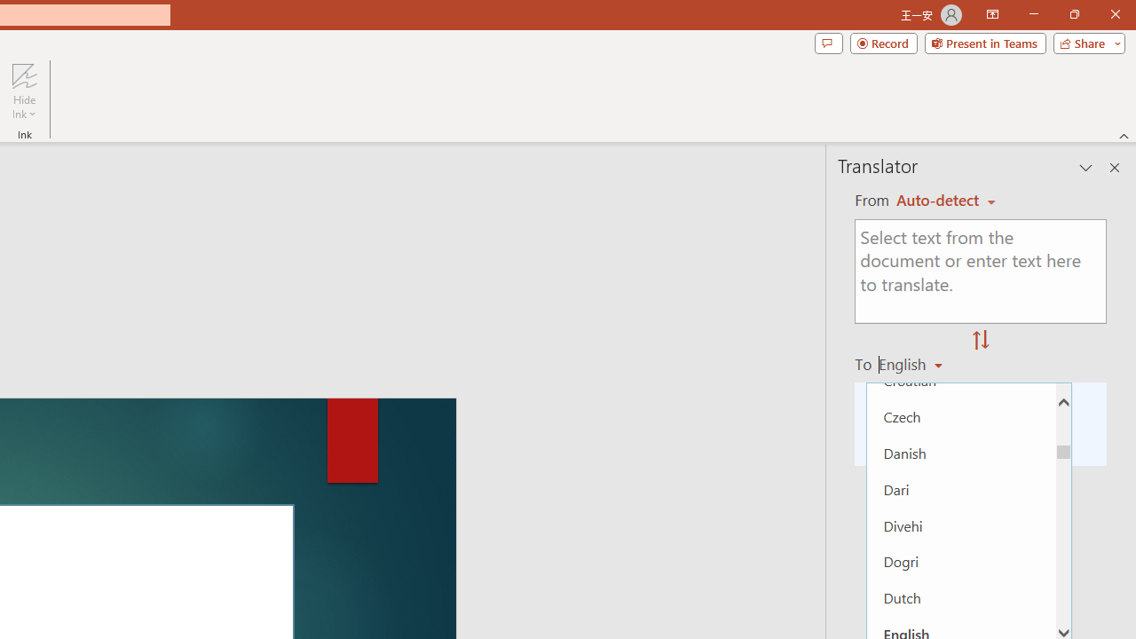 Image resolution: width=1136 pixels, height=639 pixels. What do you see at coordinates (960, 561) in the screenshot?
I see `'Dogri'` at bounding box center [960, 561].